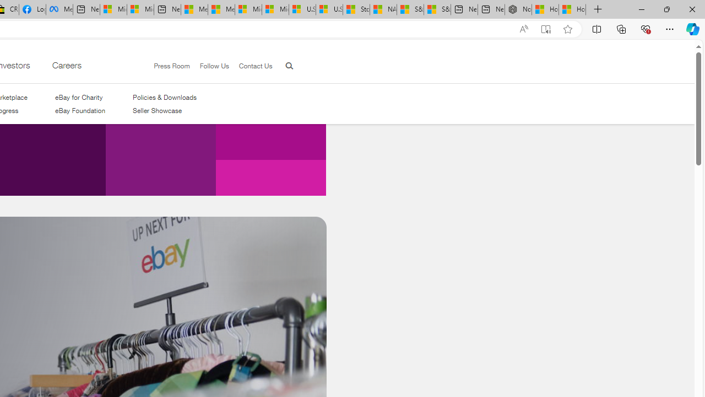  I want to click on 'Log into Facebook', so click(32, 9).